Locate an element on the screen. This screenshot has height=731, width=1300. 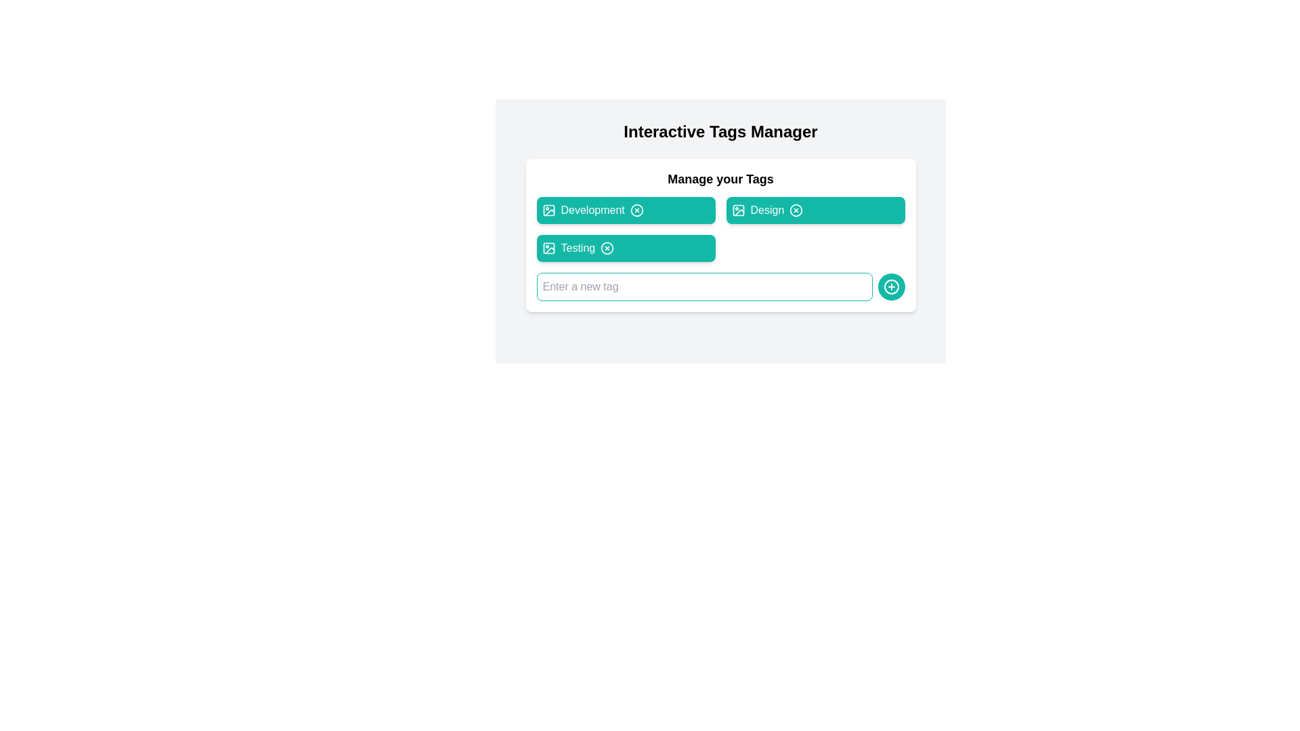
the SVG Icon representing the 'Development' tag, which is the leftmost icon in the top-left corner of the primary tags is located at coordinates (548, 211).